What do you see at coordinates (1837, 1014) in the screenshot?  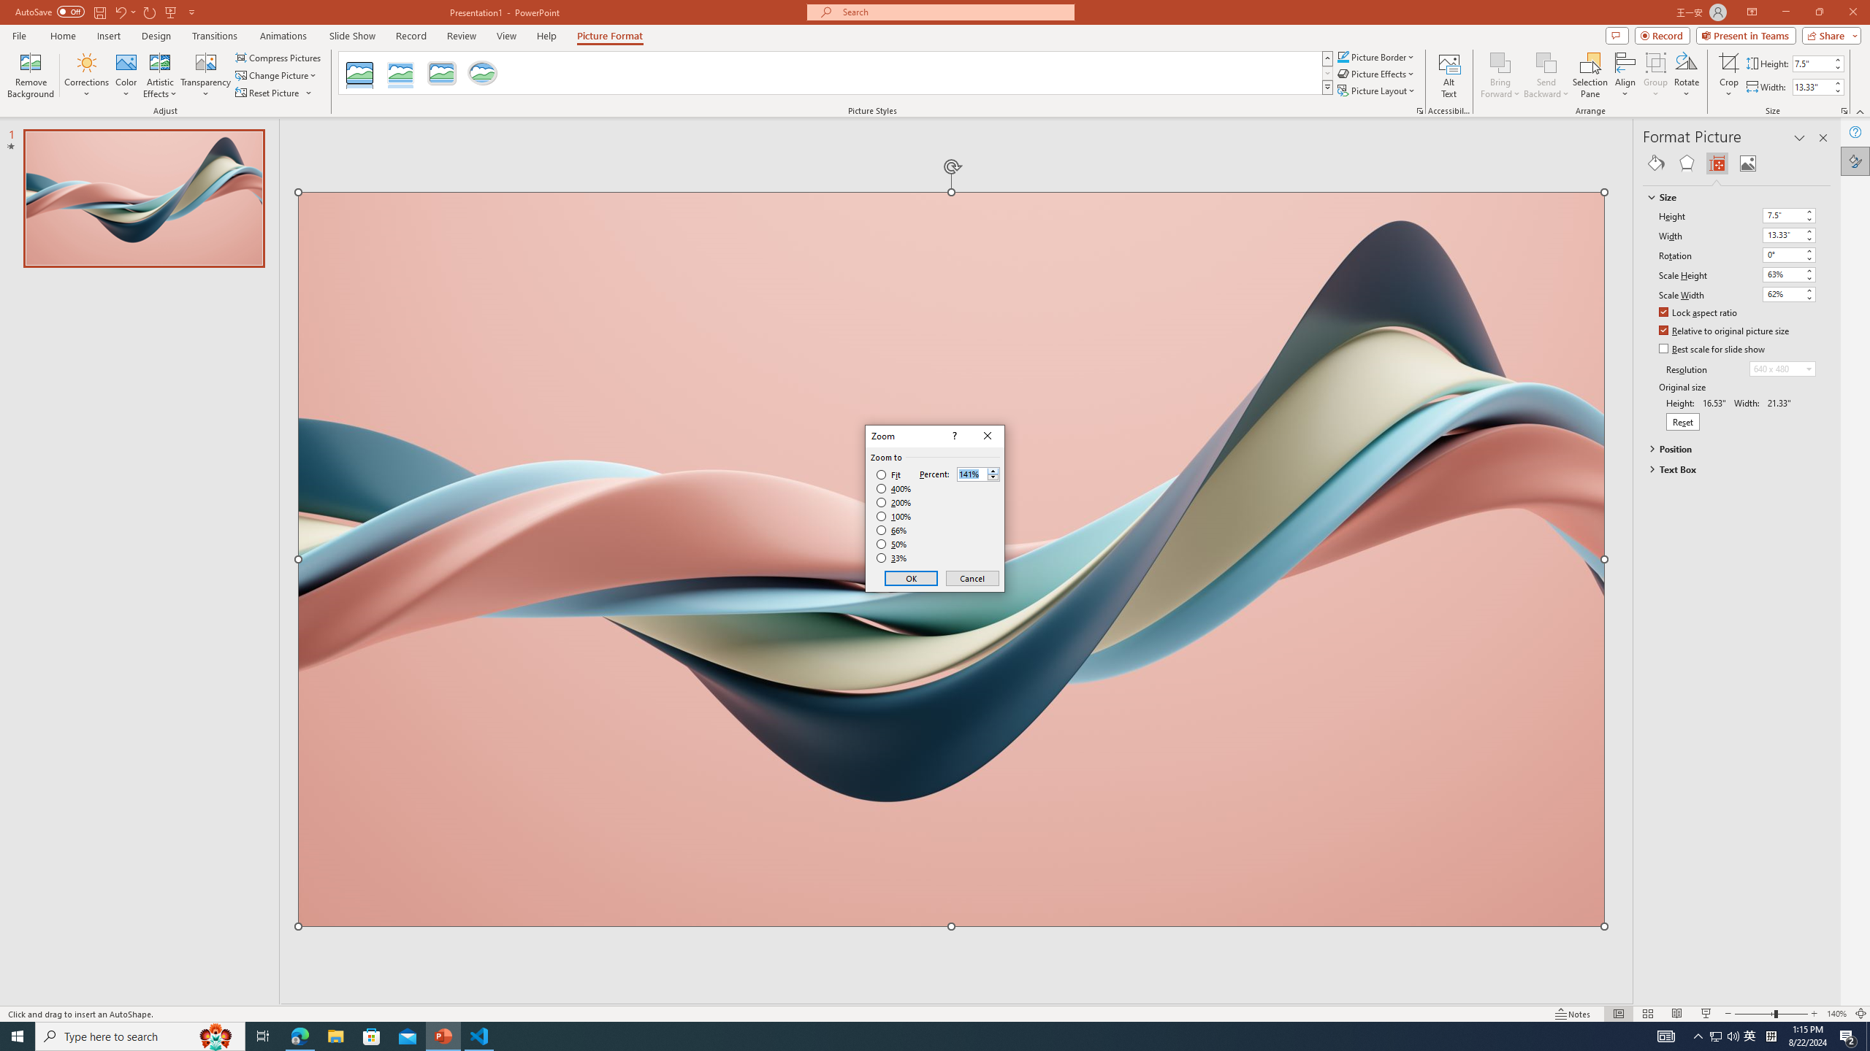 I see `'Zoom 140%'` at bounding box center [1837, 1014].